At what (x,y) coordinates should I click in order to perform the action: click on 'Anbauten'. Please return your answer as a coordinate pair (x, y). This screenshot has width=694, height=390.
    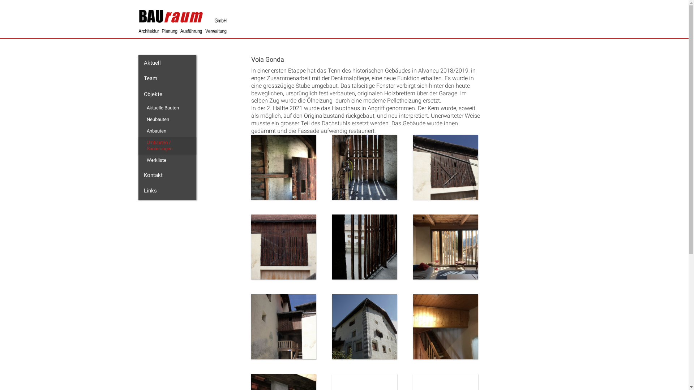
    Looking at the image, I should click on (141, 131).